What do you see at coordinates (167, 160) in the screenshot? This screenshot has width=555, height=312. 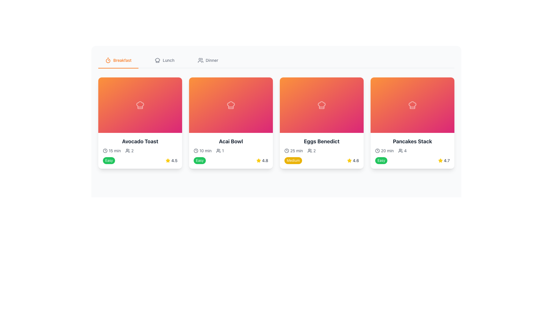 I see `the star icon representing the 4.5 rating for the 'Avocado Toast' dish, located in the rating group beside the numerical rating` at bounding box center [167, 160].